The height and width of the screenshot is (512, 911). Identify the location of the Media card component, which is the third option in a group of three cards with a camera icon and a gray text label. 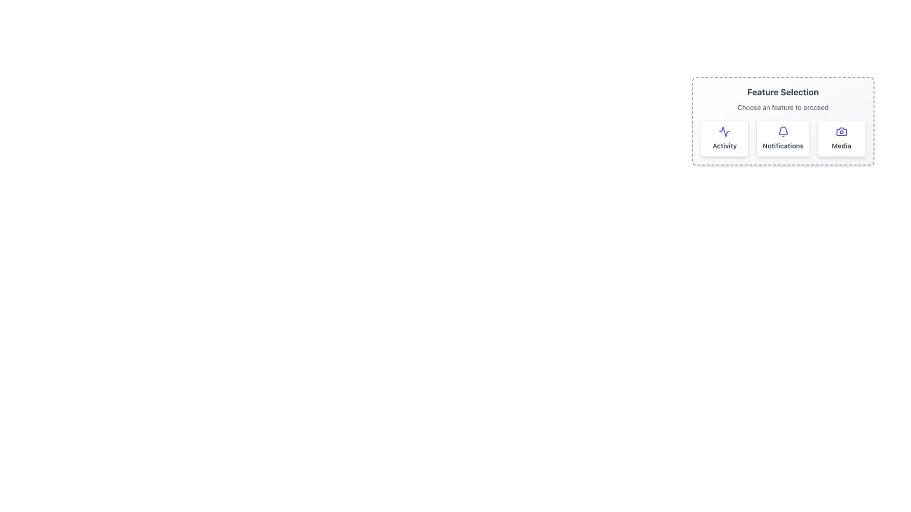
(841, 138).